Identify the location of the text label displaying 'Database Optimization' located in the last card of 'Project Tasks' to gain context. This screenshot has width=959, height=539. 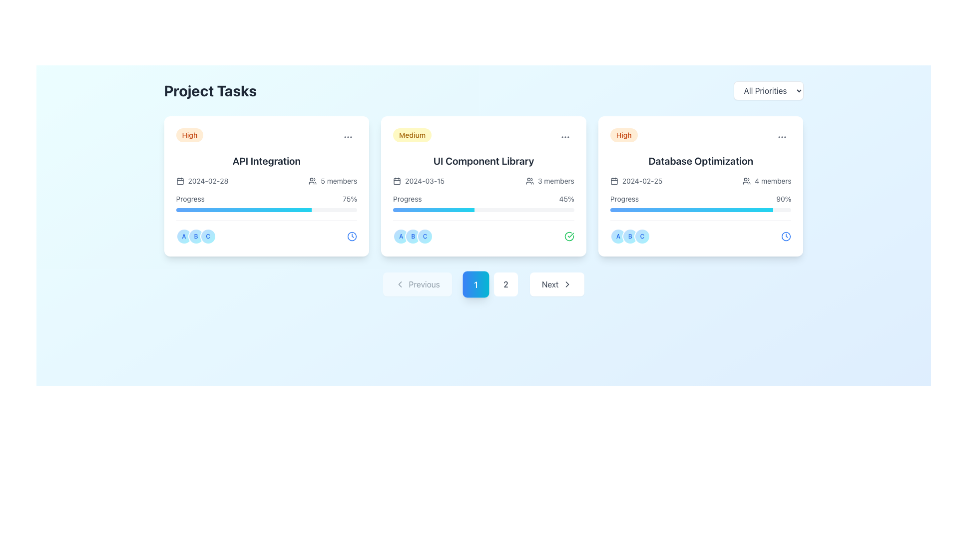
(700, 161).